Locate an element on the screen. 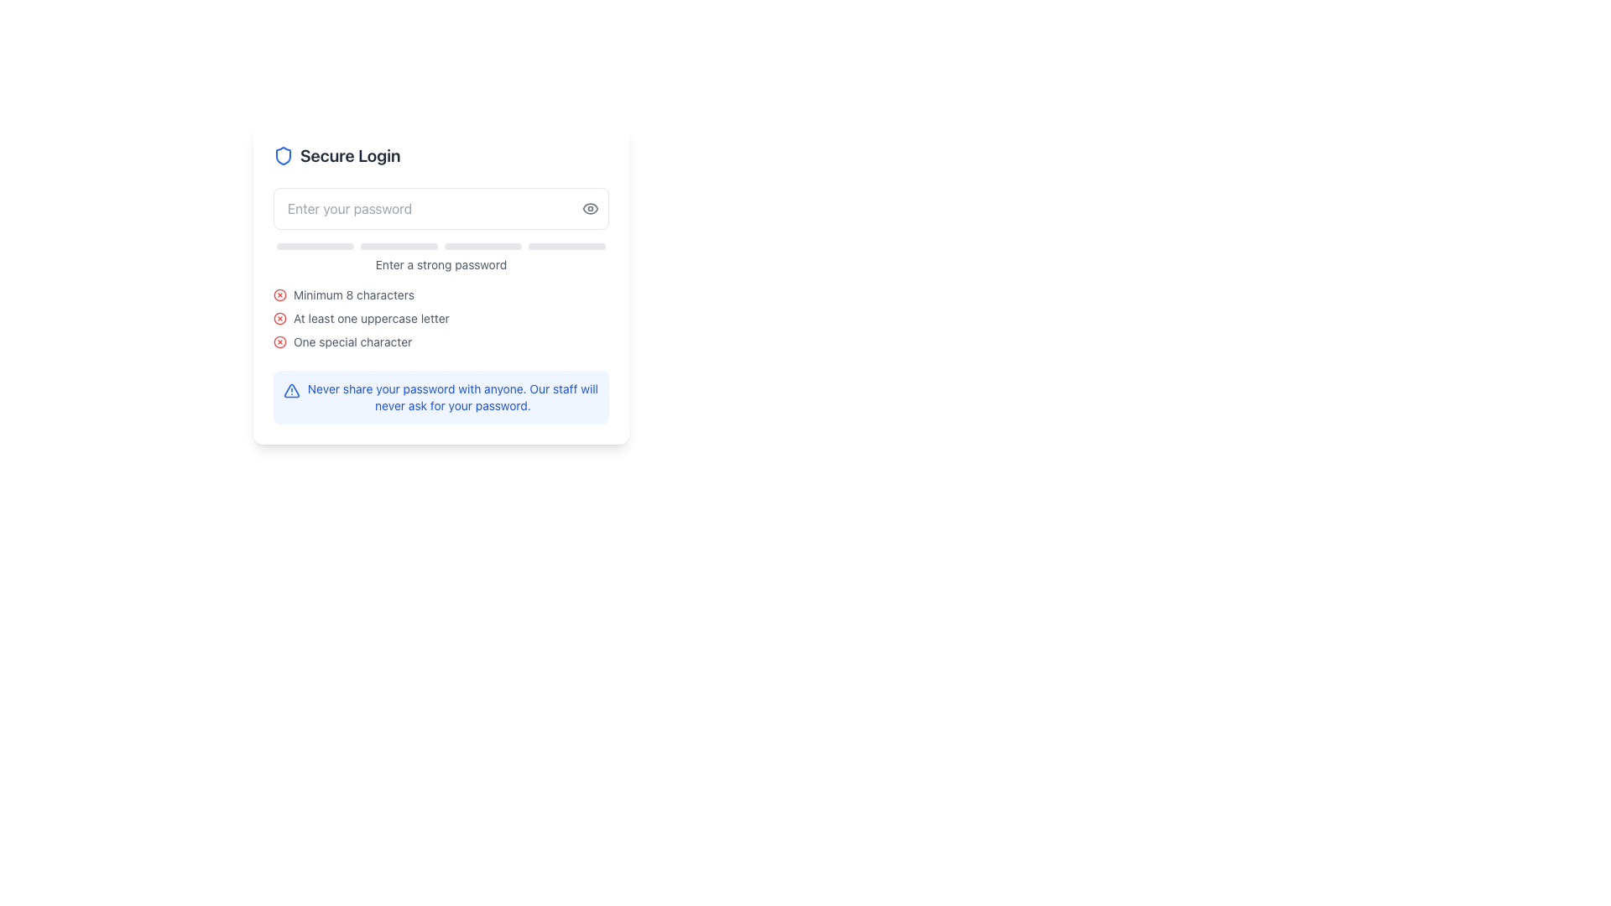 The height and width of the screenshot is (906, 1611). the static text element displaying the message 'One special character', which is styled in gray and positioned below 'At least one uppercase letter' and above the notification panel is located at coordinates (352, 341).